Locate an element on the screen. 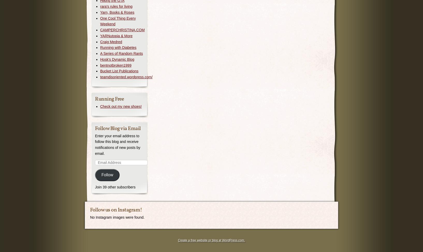 This screenshot has height=252, width=423. 'Bucket List Publications' is located at coordinates (119, 71).